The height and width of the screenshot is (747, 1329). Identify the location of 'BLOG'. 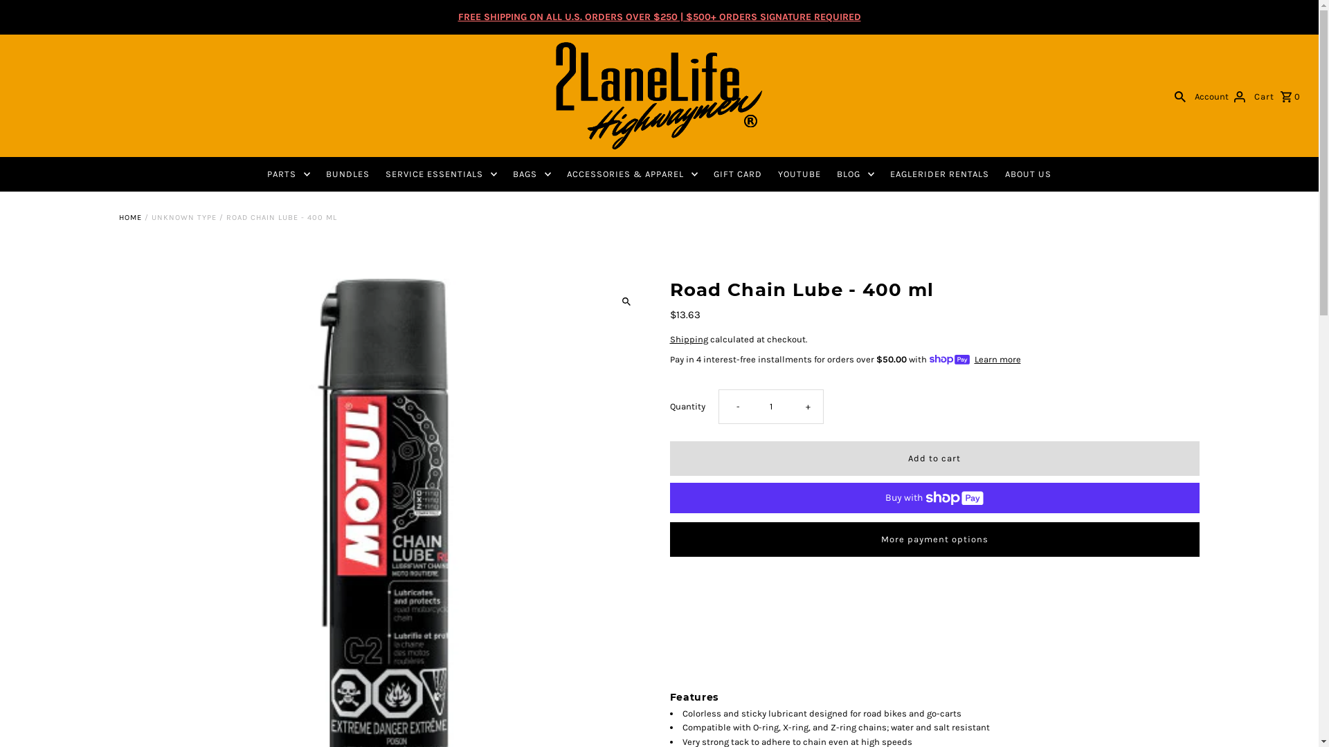
(855, 173).